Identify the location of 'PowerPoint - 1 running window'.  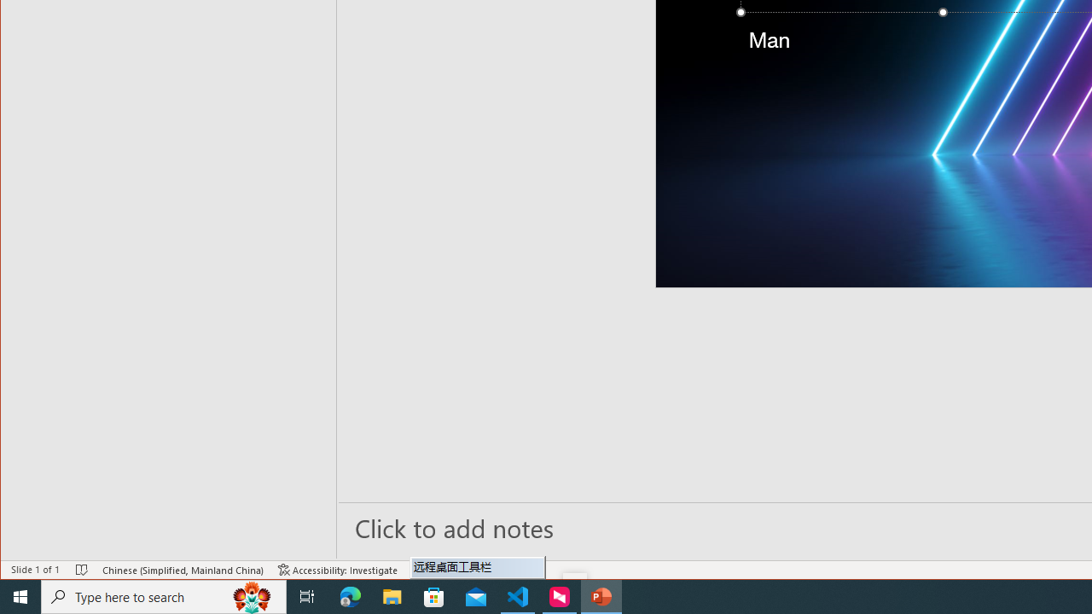
(601, 595).